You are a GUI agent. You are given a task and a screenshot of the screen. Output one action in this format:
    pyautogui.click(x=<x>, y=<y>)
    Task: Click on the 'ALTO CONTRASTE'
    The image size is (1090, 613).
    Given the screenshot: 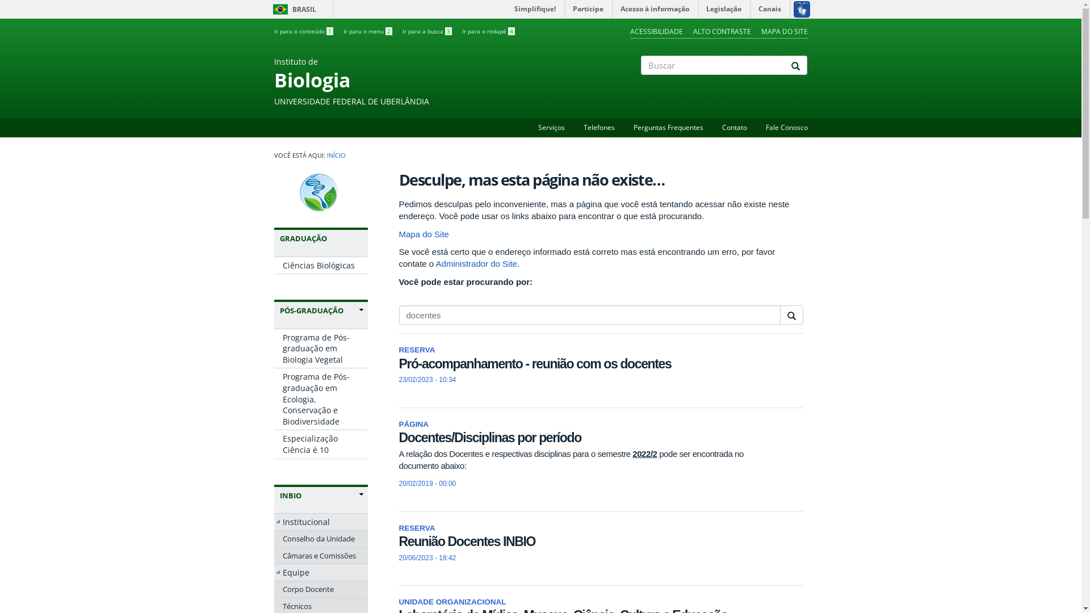 What is the action you would take?
    pyautogui.click(x=721, y=31)
    